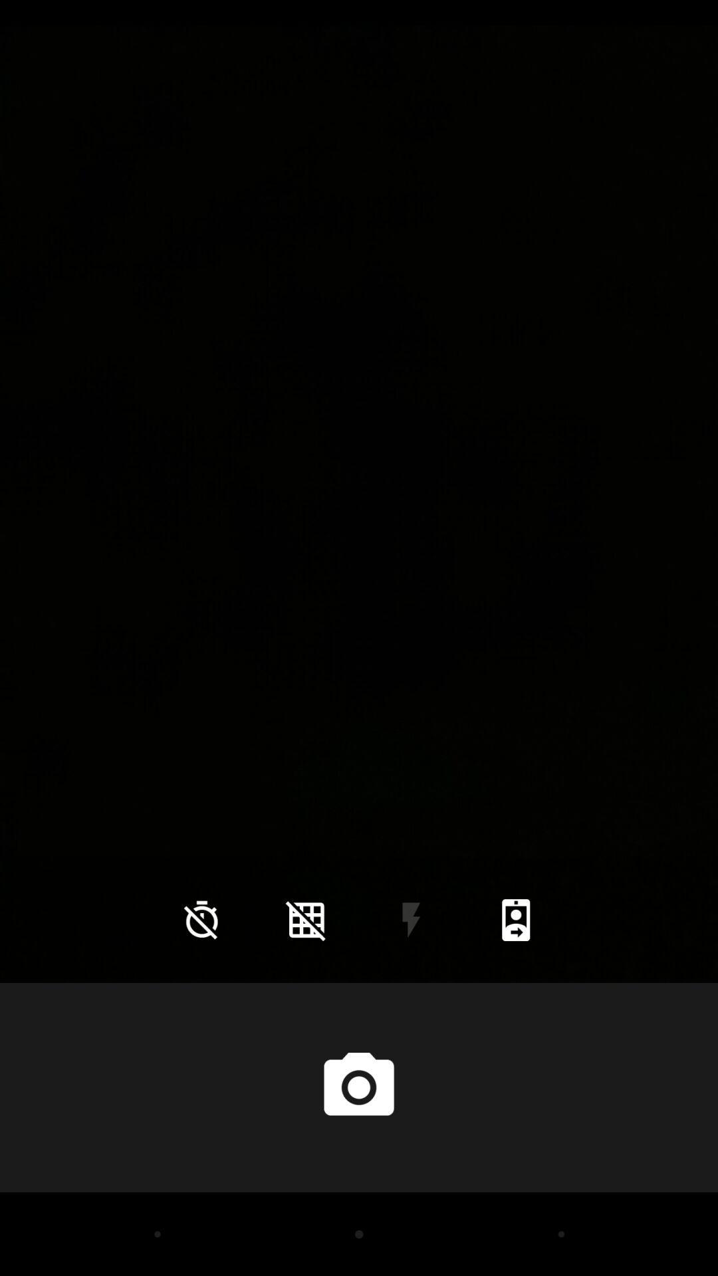  What do you see at coordinates (515, 919) in the screenshot?
I see `the icon at the bottom right corner` at bounding box center [515, 919].